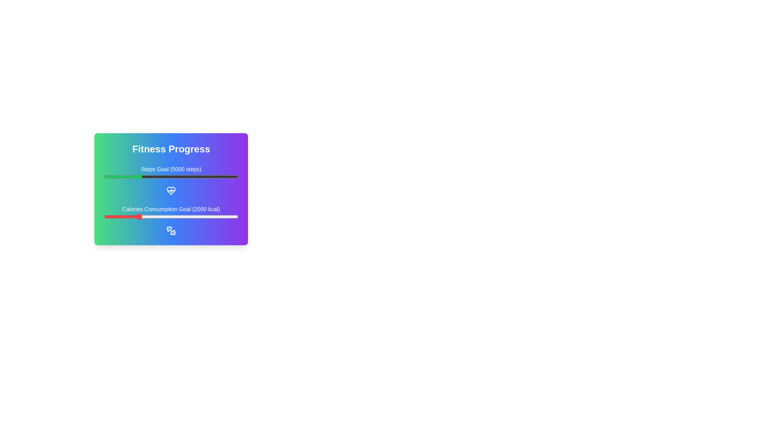  I want to click on the steps goal, so click(204, 176).